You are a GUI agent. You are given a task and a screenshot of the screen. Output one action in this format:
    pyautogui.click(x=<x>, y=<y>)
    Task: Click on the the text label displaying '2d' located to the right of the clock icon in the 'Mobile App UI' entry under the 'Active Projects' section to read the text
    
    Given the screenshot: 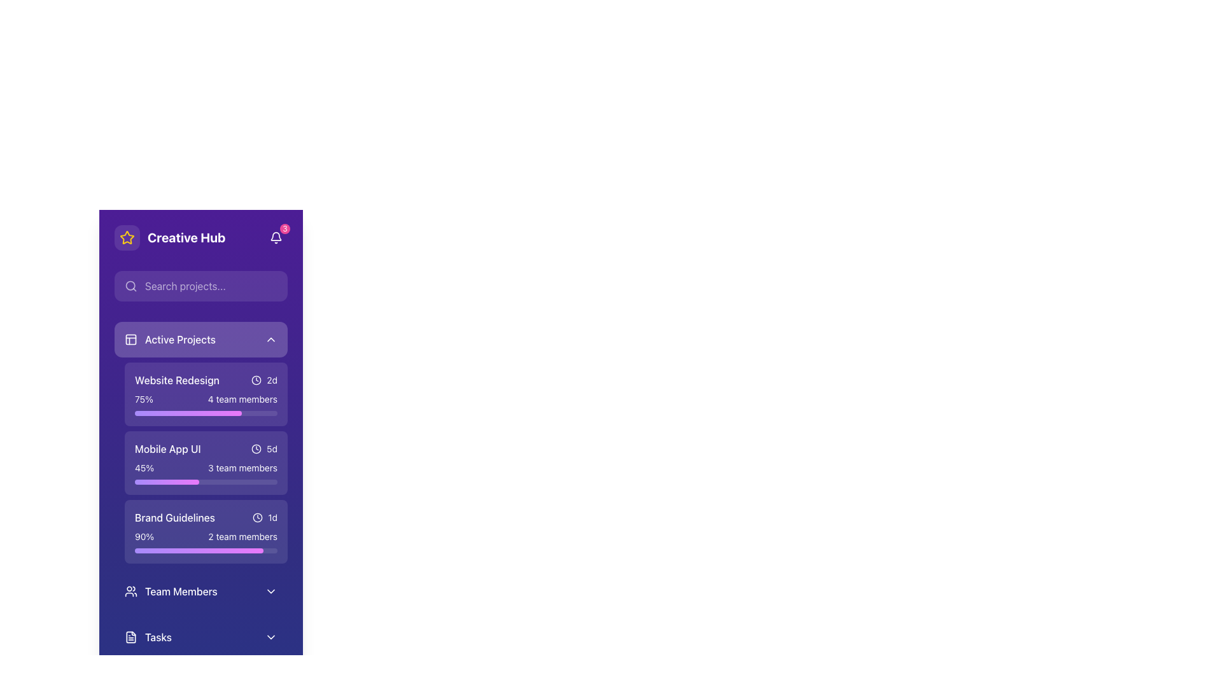 What is the action you would take?
    pyautogui.click(x=271, y=379)
    